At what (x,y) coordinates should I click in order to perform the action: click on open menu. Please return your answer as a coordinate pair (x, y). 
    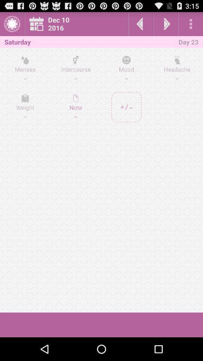
    Looking at the image, I should click on (191, 24).